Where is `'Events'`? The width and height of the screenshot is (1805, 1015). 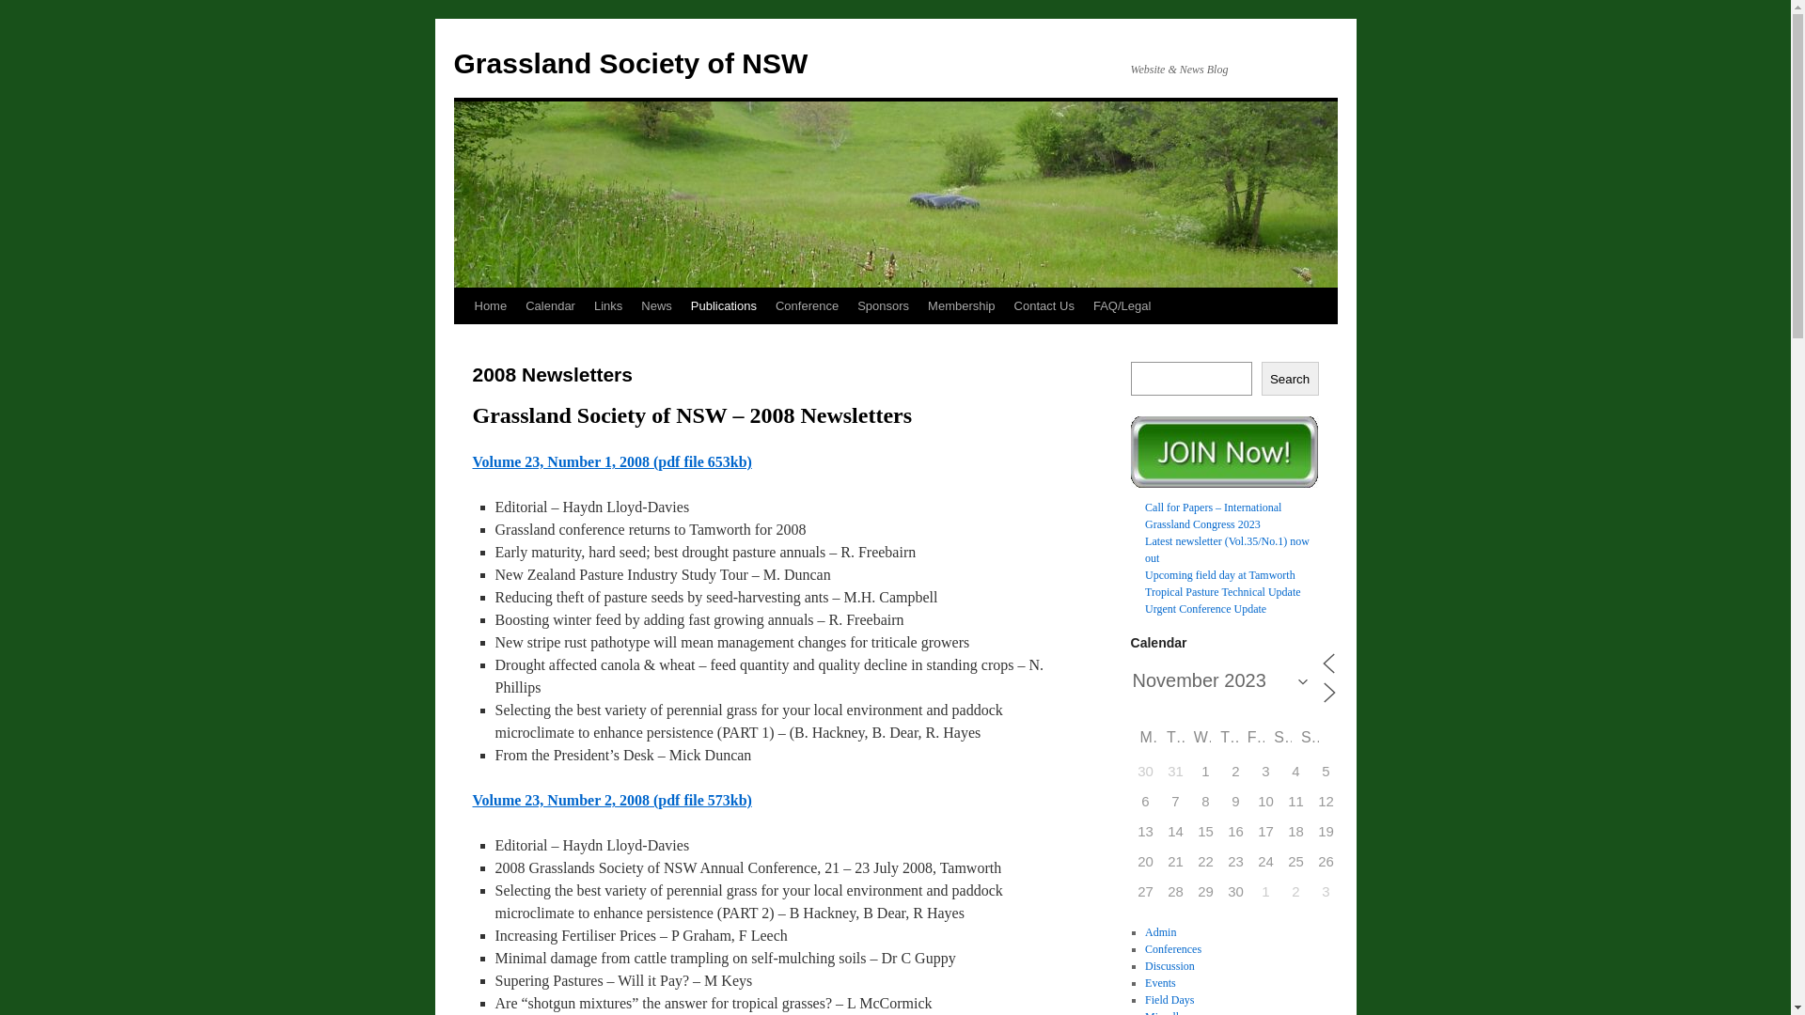
'Events' is located at coordinates (1159, 981).